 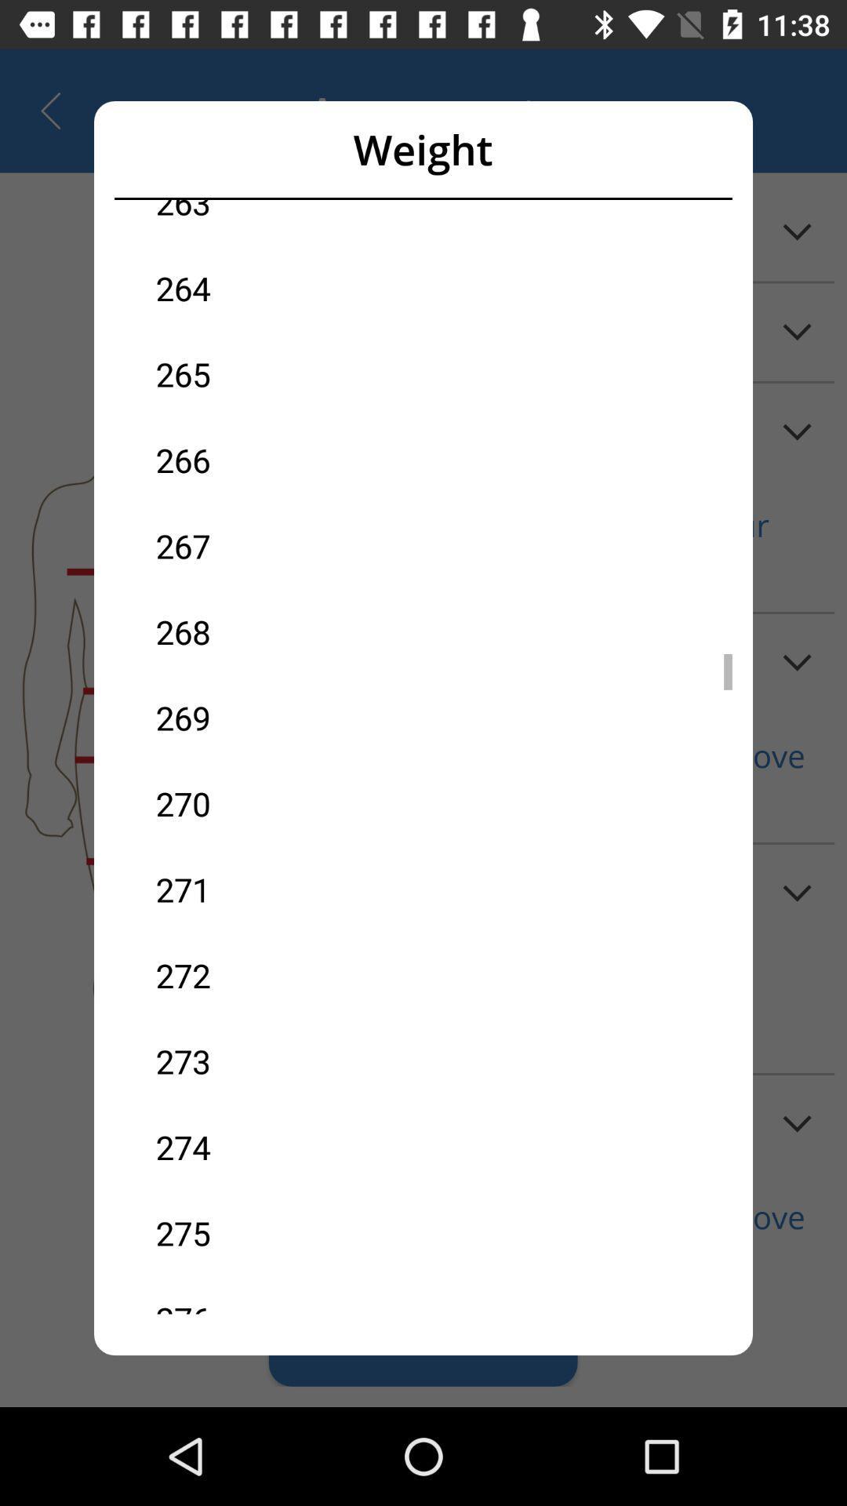 What do you see at coordinates (289, 803) in the screenshot?
I see `item above the 271` at bounding box center [289, 803].